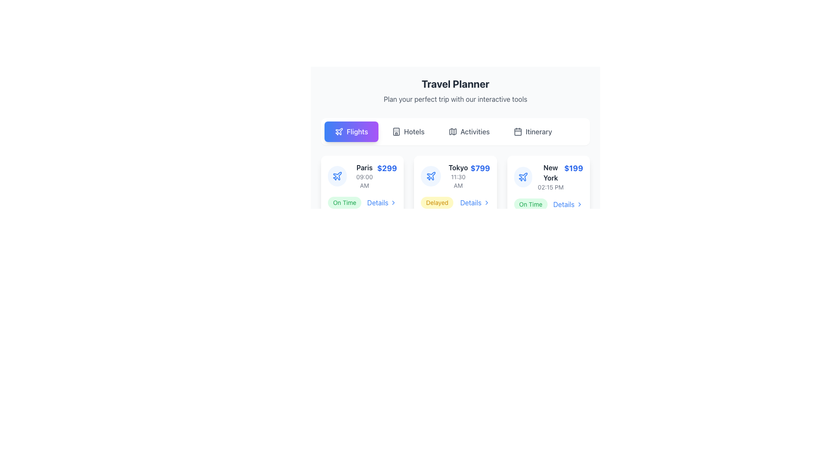 The width and height of the screenshot is (822, 462). Describe the element at coordinates (393, 203) in the screenshot. I see `the rightmost icon in the 'Details' group below the 'Paris' flight card to expand further details related to the flight entry` at that location.